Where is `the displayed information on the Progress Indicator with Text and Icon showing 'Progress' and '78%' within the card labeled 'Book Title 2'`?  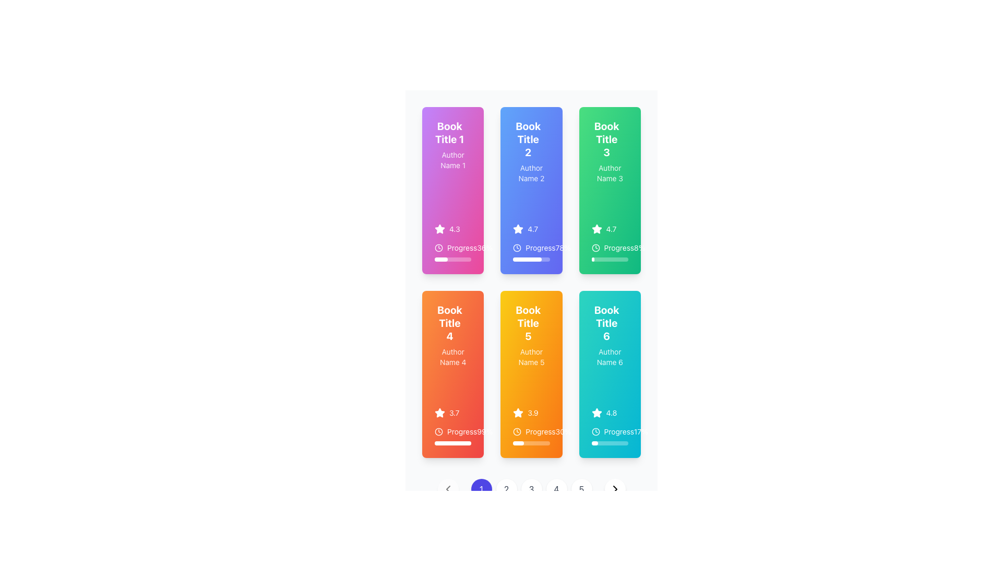
the displayed information on the Progress Indicator with Text and Icon showing 'Progress' and '78%' within the card labeled 'Book Title 2' is located at coordinates (531, 243).